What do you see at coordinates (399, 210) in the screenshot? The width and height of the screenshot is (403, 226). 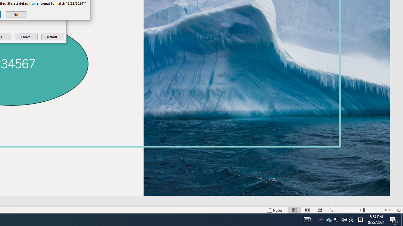 I see `'Zoom to Fit '` at bounding box center [399, 210].